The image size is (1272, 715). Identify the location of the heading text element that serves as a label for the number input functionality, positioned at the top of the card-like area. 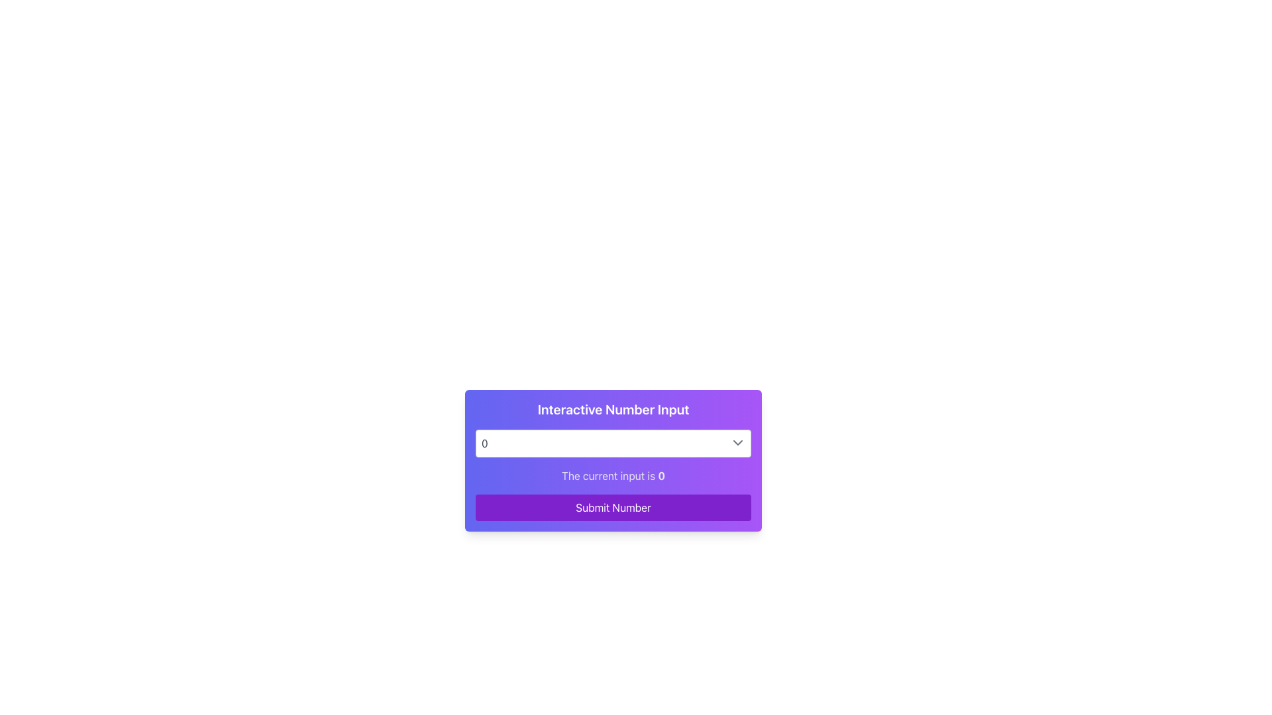
(613, 408).